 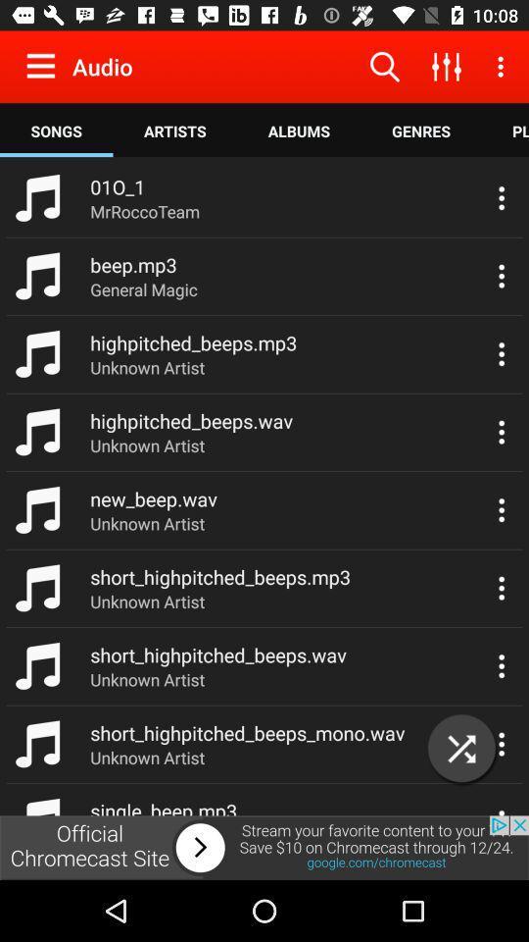 I want to click on next page botton, so click(x=264, y=847).